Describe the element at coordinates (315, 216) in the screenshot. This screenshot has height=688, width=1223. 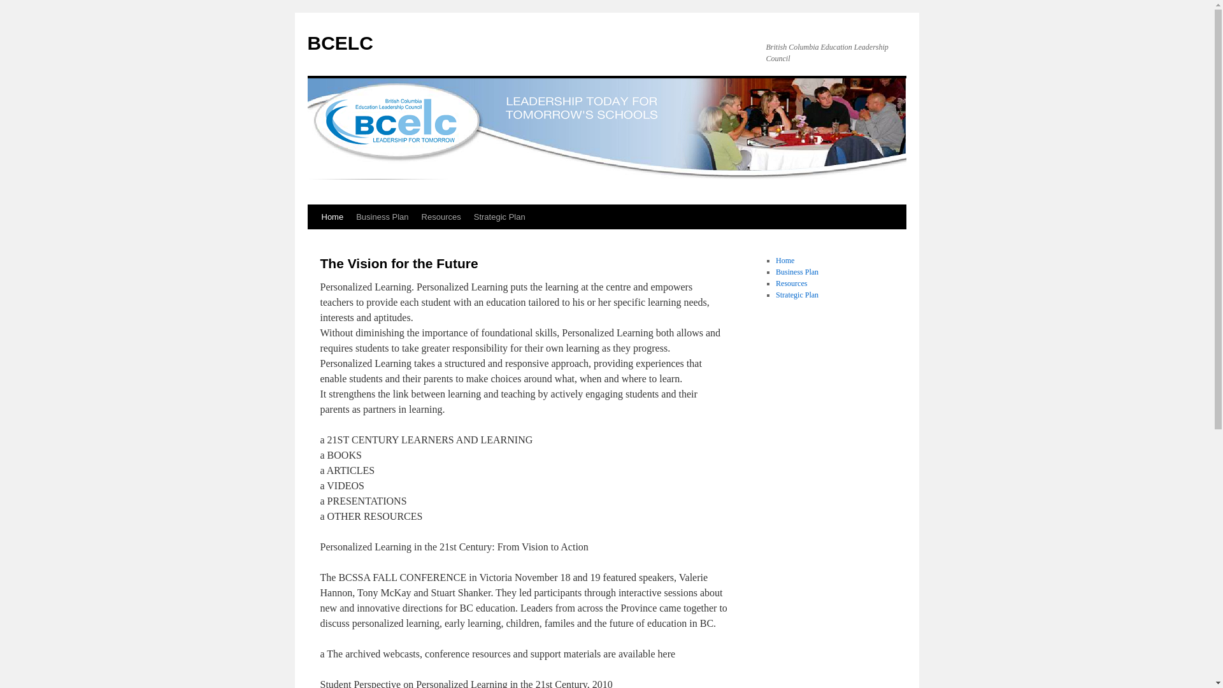
I see `'Home'` at that location.